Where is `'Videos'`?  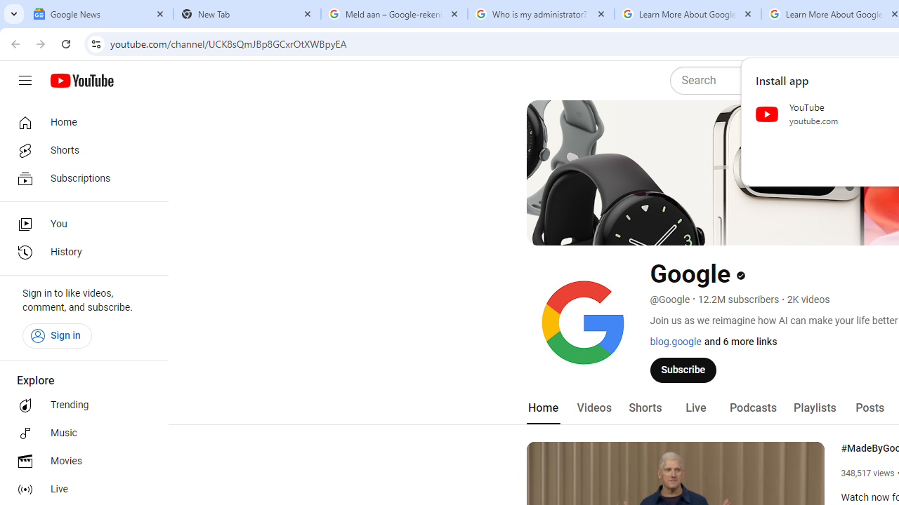 'Videos' is located at coordinates (593, 408).